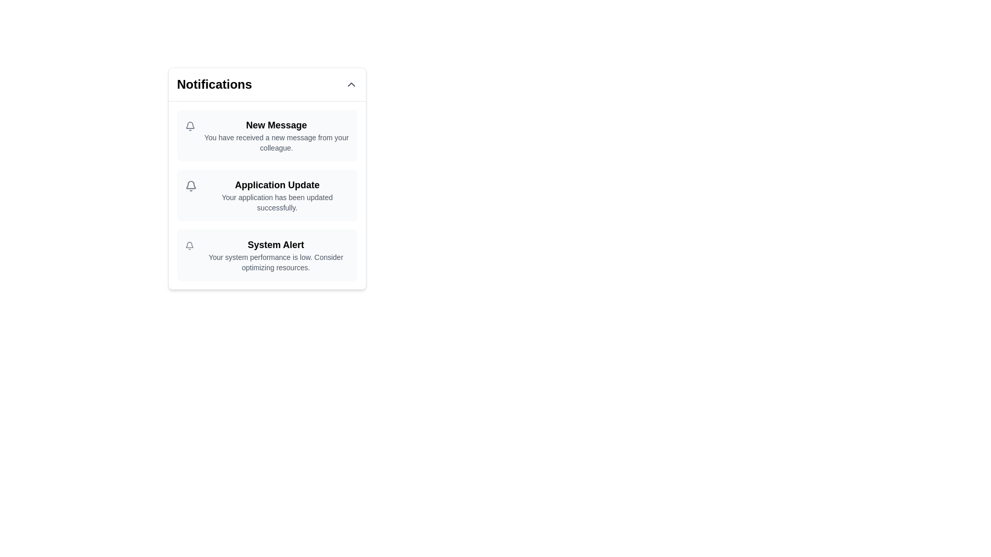 Image resolution: width=991 pixels, height=557 pixels. Describe the element at coordinates (189, 246) in the screenshot. I see `the gray bell icon located to the left of the text content in the 'System Alert' notification card, which is the third item in the list of notifications` at that location.